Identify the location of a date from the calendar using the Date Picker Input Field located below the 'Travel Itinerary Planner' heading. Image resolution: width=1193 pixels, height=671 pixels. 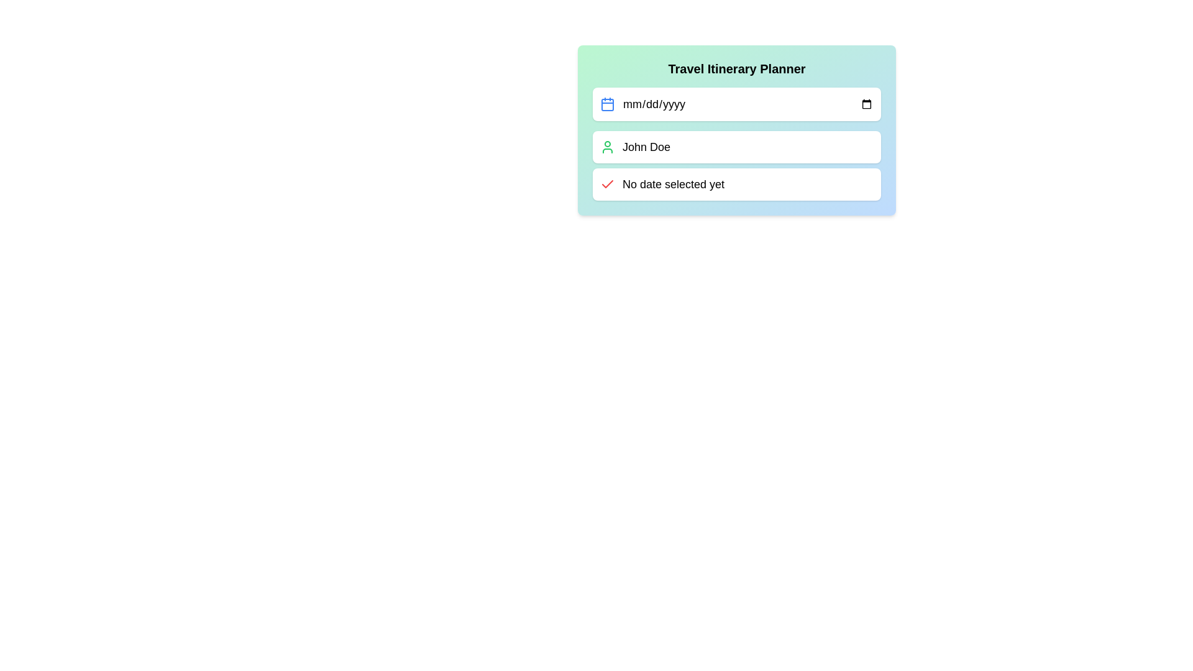
(736, 104).